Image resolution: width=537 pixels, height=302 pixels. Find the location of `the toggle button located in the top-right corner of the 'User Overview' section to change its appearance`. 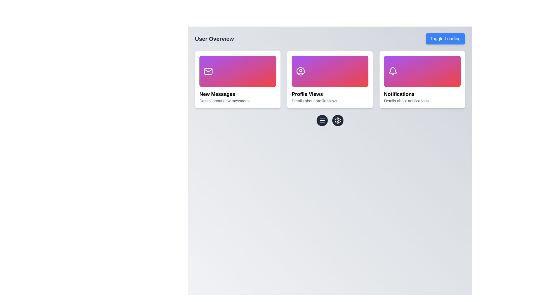

the toggle button located in the top-right corner of the 'User Overview' section to change its appearance is located at coordinates (445, 38).